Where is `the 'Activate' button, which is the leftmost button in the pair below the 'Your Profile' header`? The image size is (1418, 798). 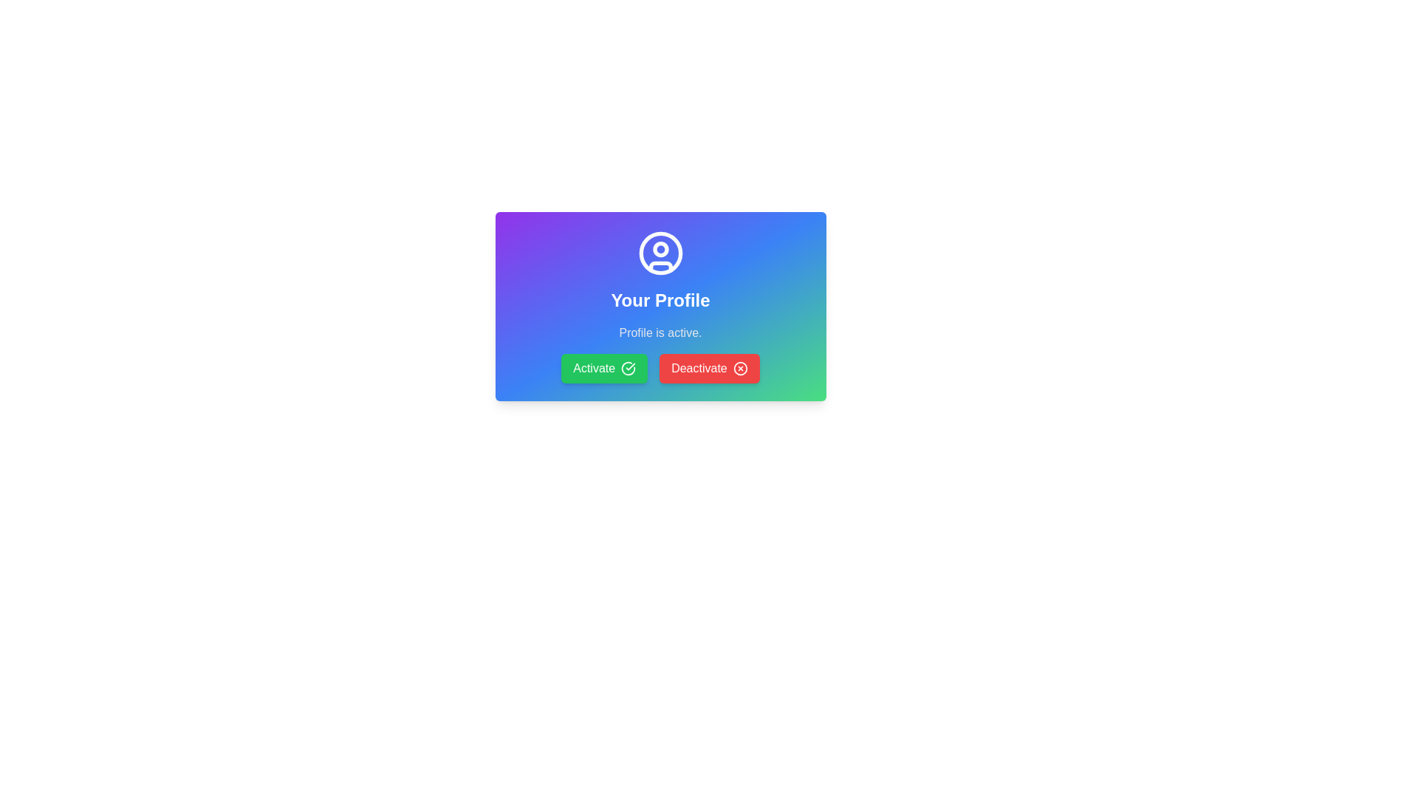 the 'Activate' button, which is the leftmost button in the pair below the 'Your Profile' header is located at coordinates (604, 367).